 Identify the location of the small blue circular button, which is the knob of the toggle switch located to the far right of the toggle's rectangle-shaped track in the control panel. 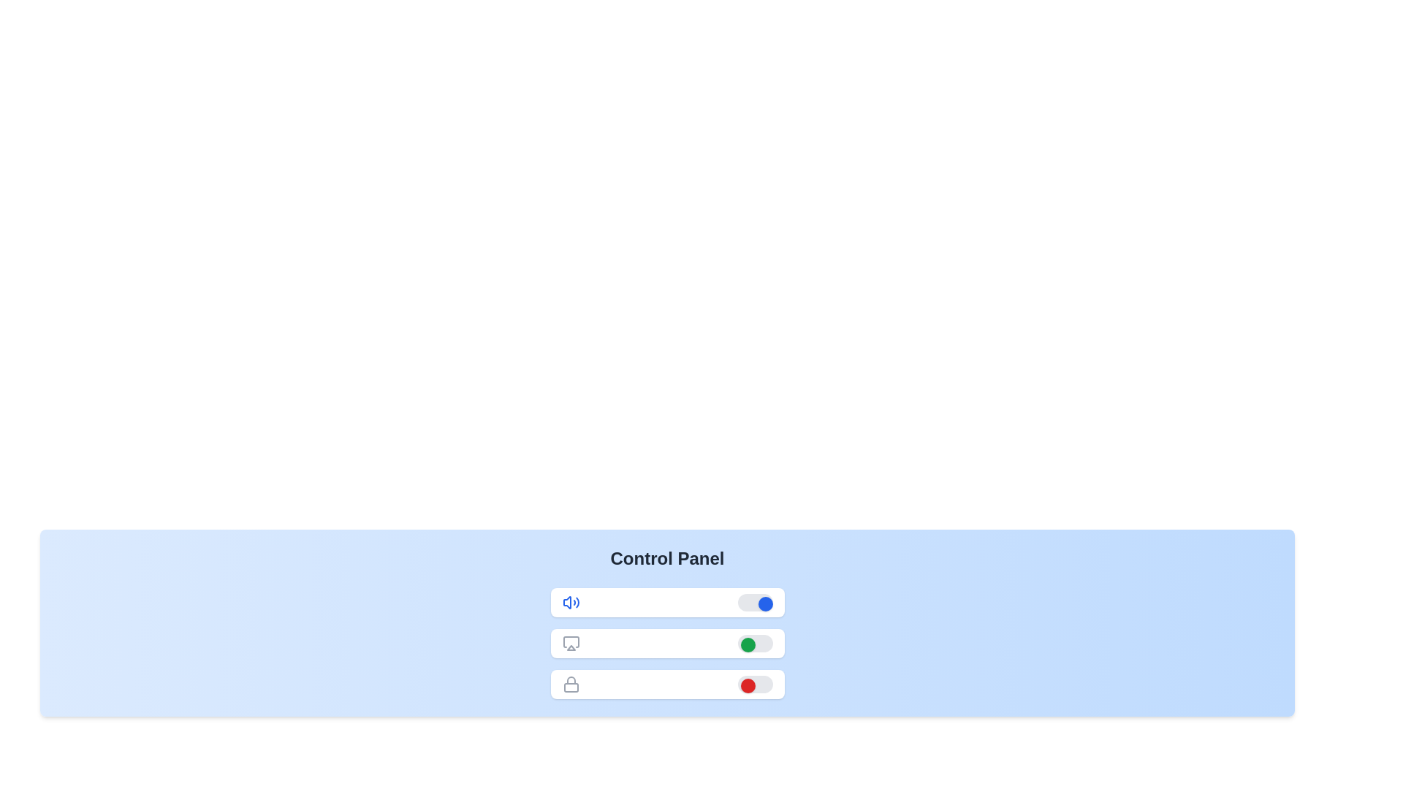
(764, 603).